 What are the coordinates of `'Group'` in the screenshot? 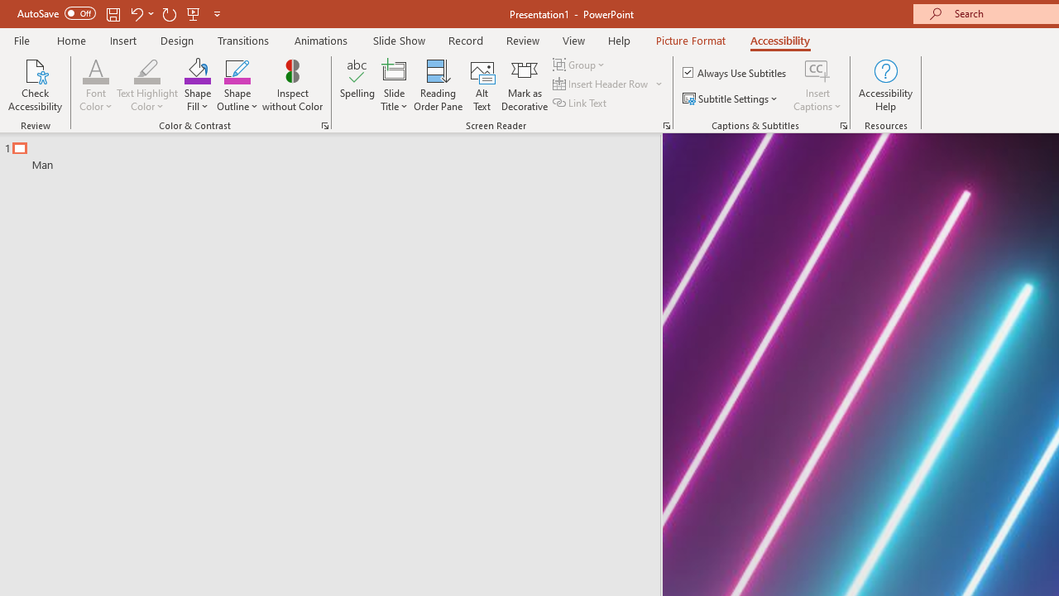 It's located at (581, 64).